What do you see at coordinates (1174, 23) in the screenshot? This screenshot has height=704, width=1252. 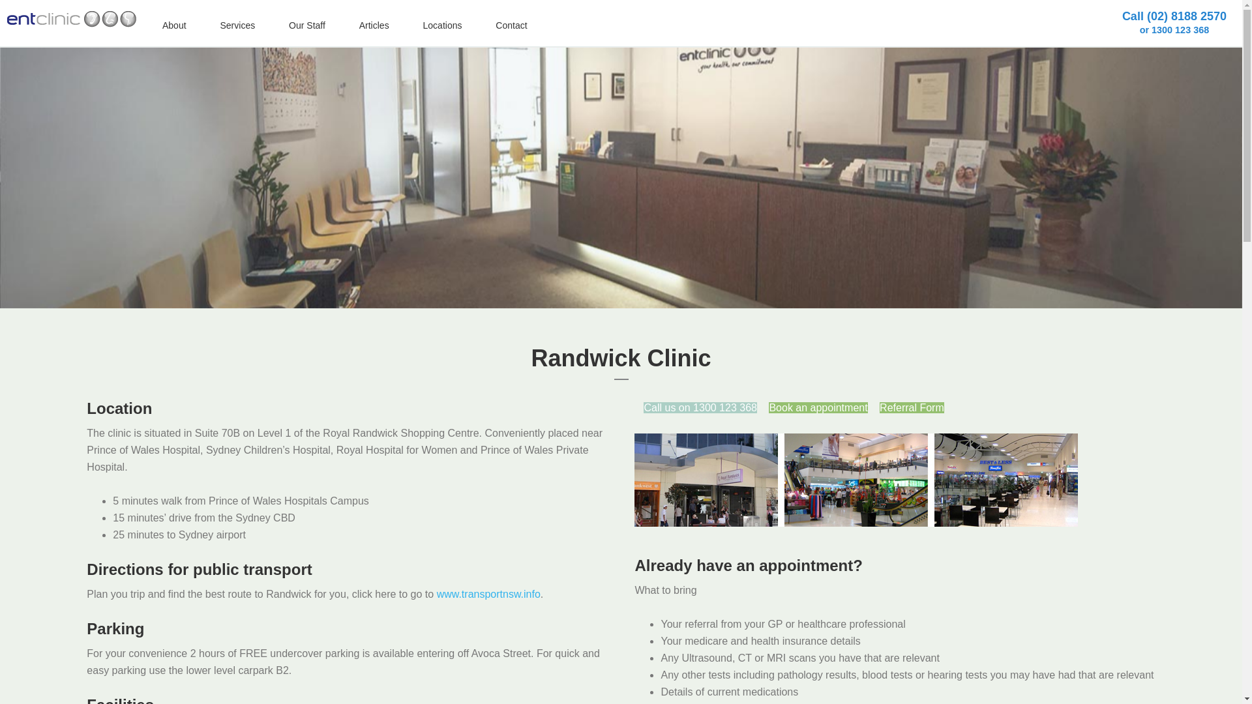 I see `'Call (02) 8188 2570` at bounding box center [1174, 23].